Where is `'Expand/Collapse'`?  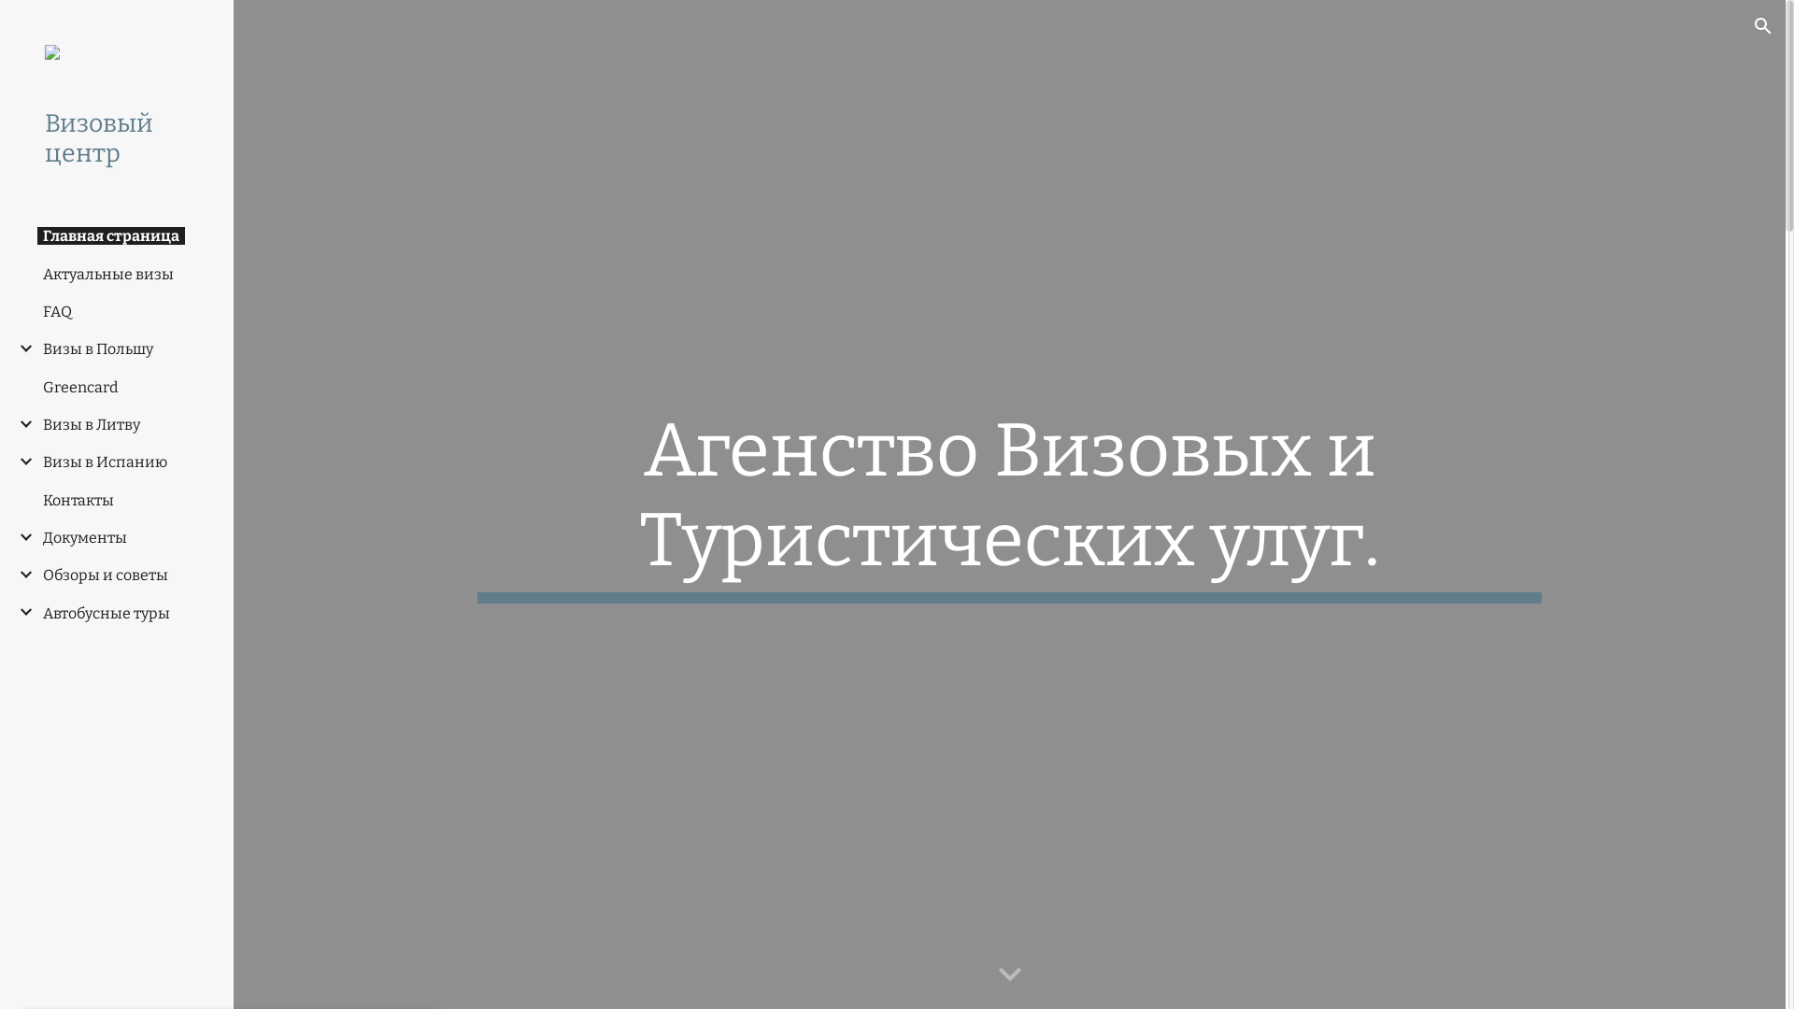 'Expand/Collapse' is located at coordinates (21, 424).